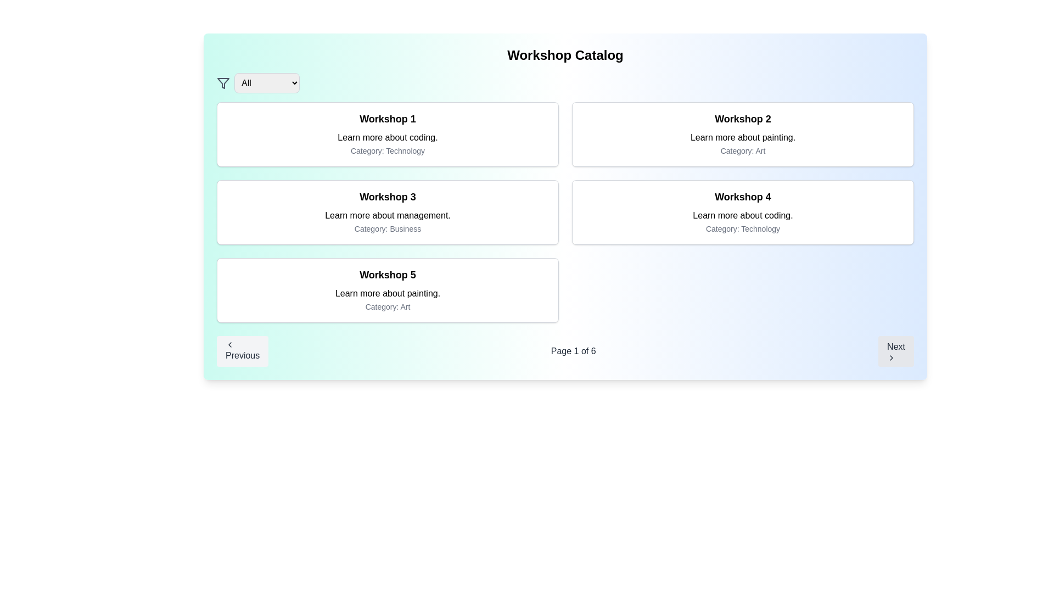 Image resolution: width=1054 pixels, height=593 pixels. I want to click on the first workshop card titled 'Workshop 1' located in the top-left corner of the grid layout, directly below the filter dropdown, so click(388, 134).